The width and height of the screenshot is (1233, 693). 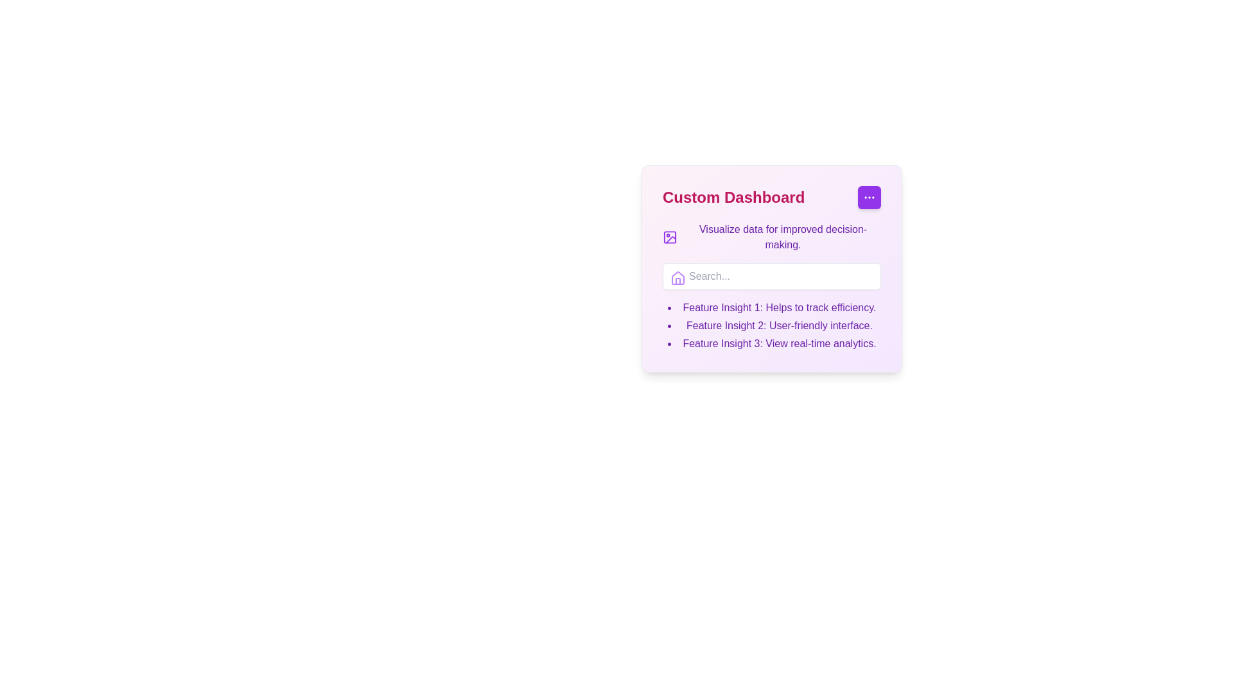 What do you see at coordinates (869, 198) in the screenshot?
I see `the ellipsis icon button located at the upper-right corner of the 'Custom Dashboard' card` at bounding box center [869, 198].